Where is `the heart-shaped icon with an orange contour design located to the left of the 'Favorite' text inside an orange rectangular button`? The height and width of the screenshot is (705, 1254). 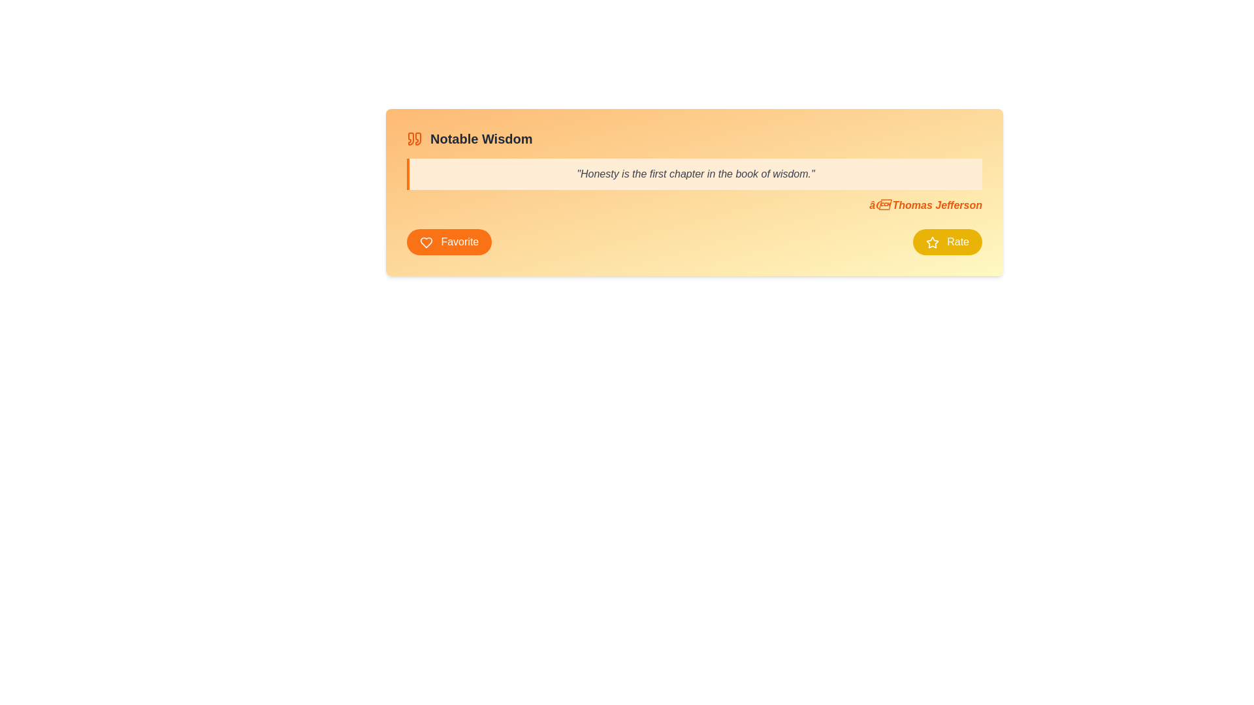
the heart-shaped icon with an orange contour design located to the left of the 'Favorite' text inside an orange rectangular button is located at coordinates (426, 242).